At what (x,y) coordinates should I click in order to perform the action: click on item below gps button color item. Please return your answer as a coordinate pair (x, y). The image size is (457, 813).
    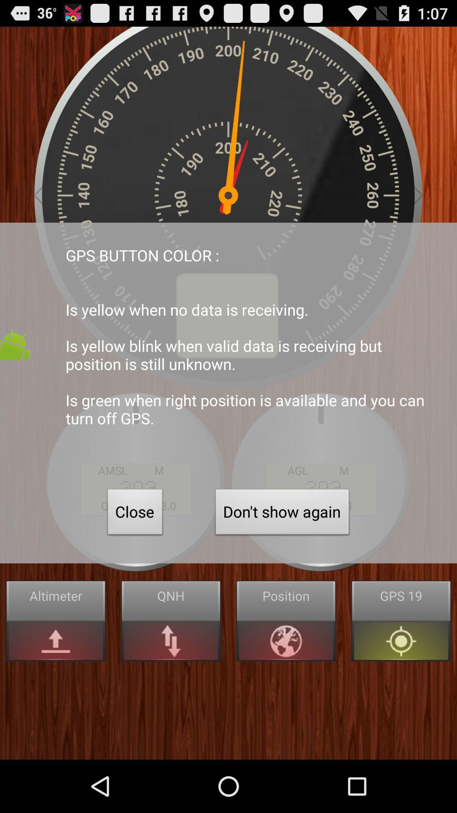
    Looking at the image, I should click on (282, 514).